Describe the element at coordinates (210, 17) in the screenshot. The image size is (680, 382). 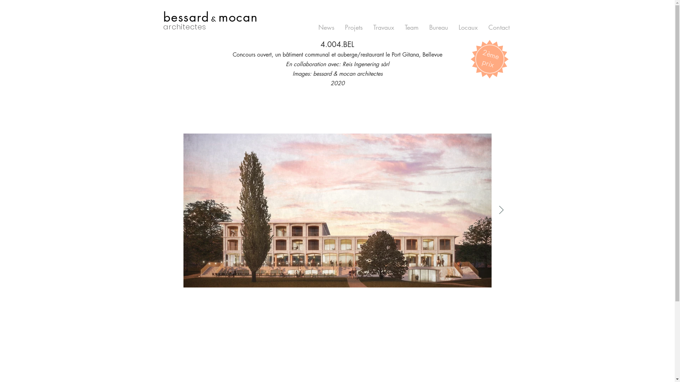
I see `'bessard & mocan'` at that location.